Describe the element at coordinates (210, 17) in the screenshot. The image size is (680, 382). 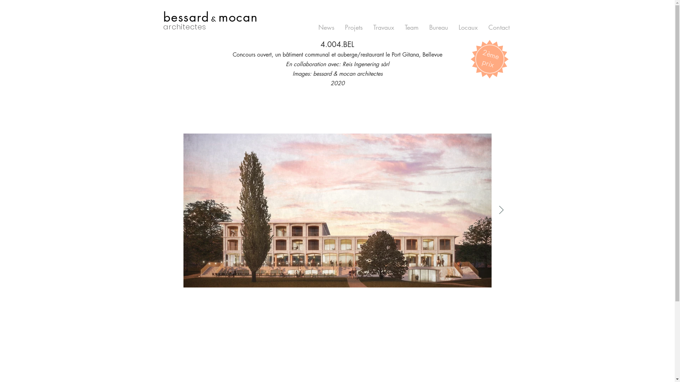
I see `'bessard & mocan'` at that location.